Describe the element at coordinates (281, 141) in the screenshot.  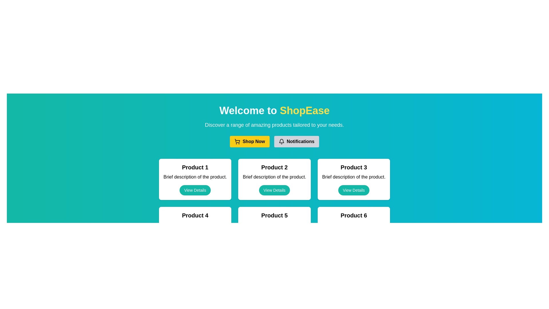
I see `the bell-shaped icon within the notifications button located to the right of the 'Shop Now' button in the header section` at that location.